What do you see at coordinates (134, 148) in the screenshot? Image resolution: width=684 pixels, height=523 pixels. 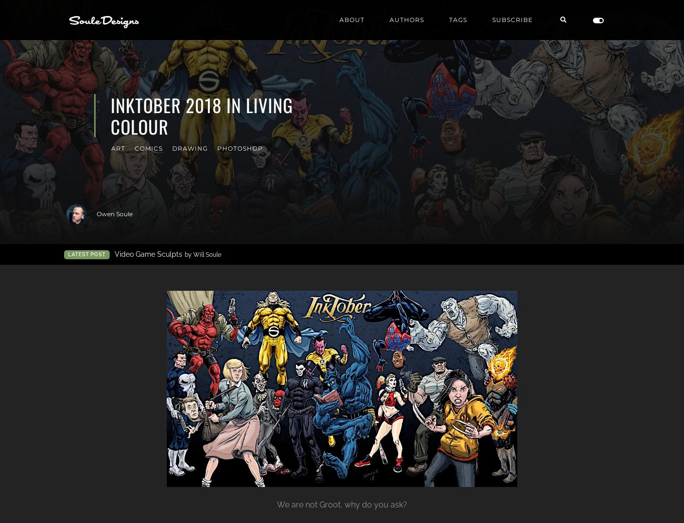 I see `'Comics'` at bounding box center [134, 148].